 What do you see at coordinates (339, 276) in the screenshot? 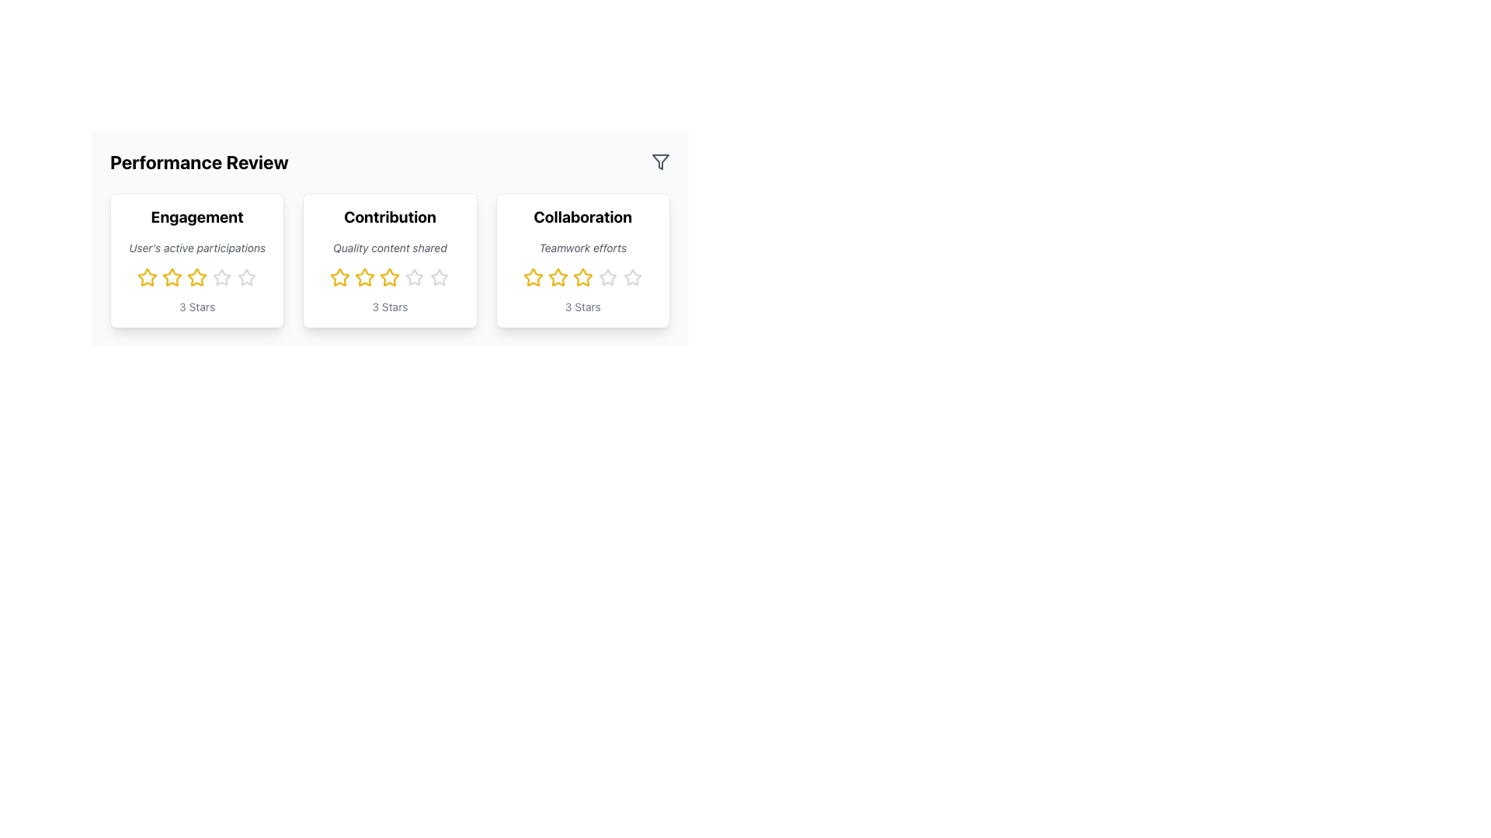
I see `the second star icon in the 5-star rating system under the 'Contribution' card of the 'Performance Review' interface` at bounding box center [339, 276].